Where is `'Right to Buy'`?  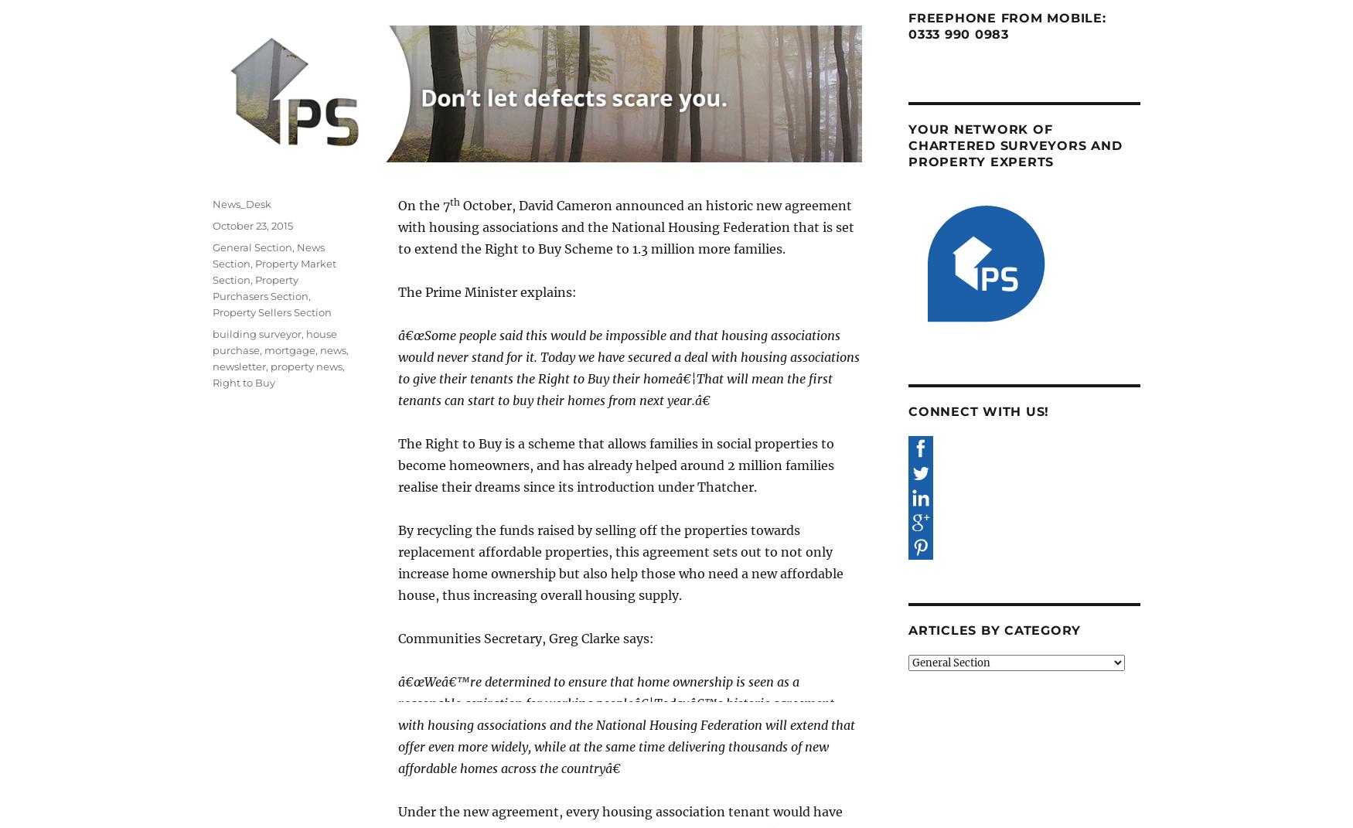 'Right to Buy' is located at coordinates (244, 381).